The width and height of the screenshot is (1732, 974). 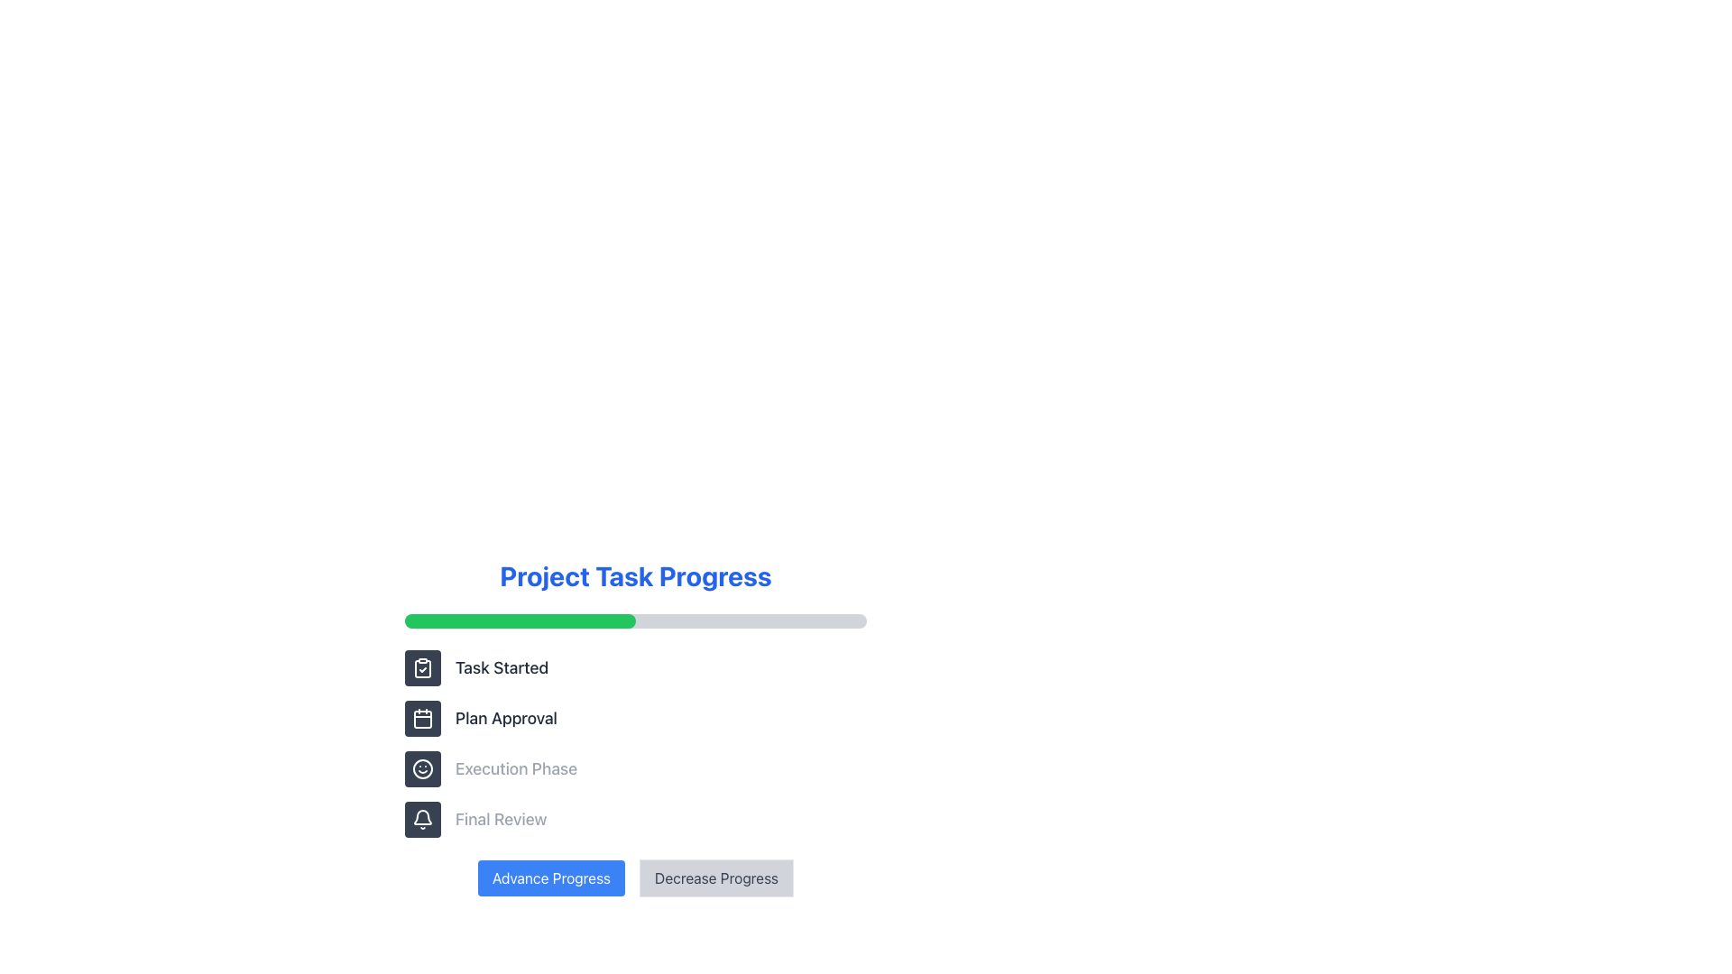 I want to click on the smile icon, which is a decorative element with a dark gray rounded background, positioned below the 'Execution Phase' label, so click(x=422, y=768).